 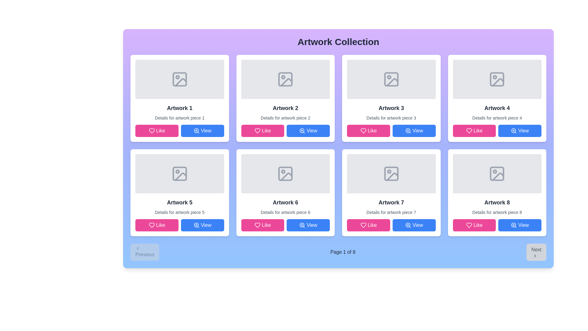 I want to click on the blue 'View' button with white text and a magnifying glass icon located in the second panel from the left in the top row, positioned to the right of the 'Like' button, so click(x=308, y=131).